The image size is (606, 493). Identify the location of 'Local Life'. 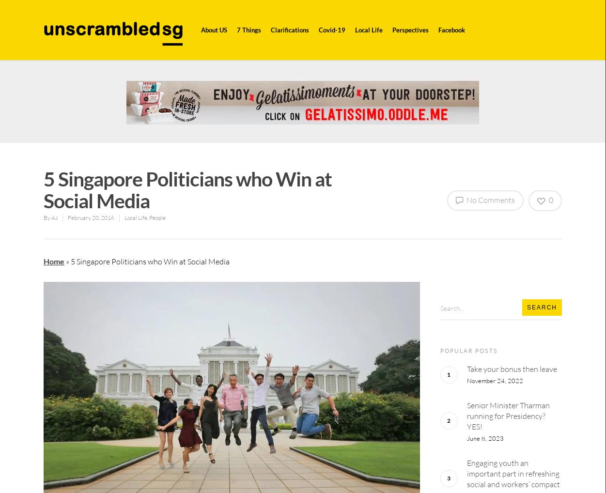
(136, 217).